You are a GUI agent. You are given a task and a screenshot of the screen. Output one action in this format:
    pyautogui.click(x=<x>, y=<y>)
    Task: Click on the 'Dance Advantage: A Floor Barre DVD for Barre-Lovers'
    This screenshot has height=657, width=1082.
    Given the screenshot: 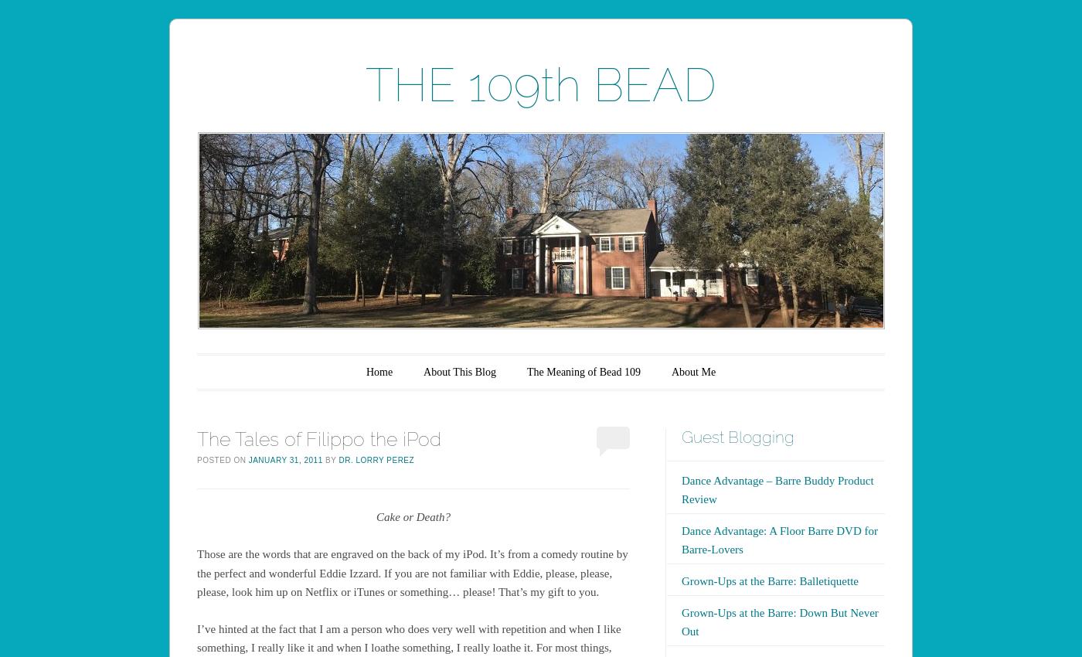 What is the action you would take?
    pyautogui.click(x=779, y=539)
    